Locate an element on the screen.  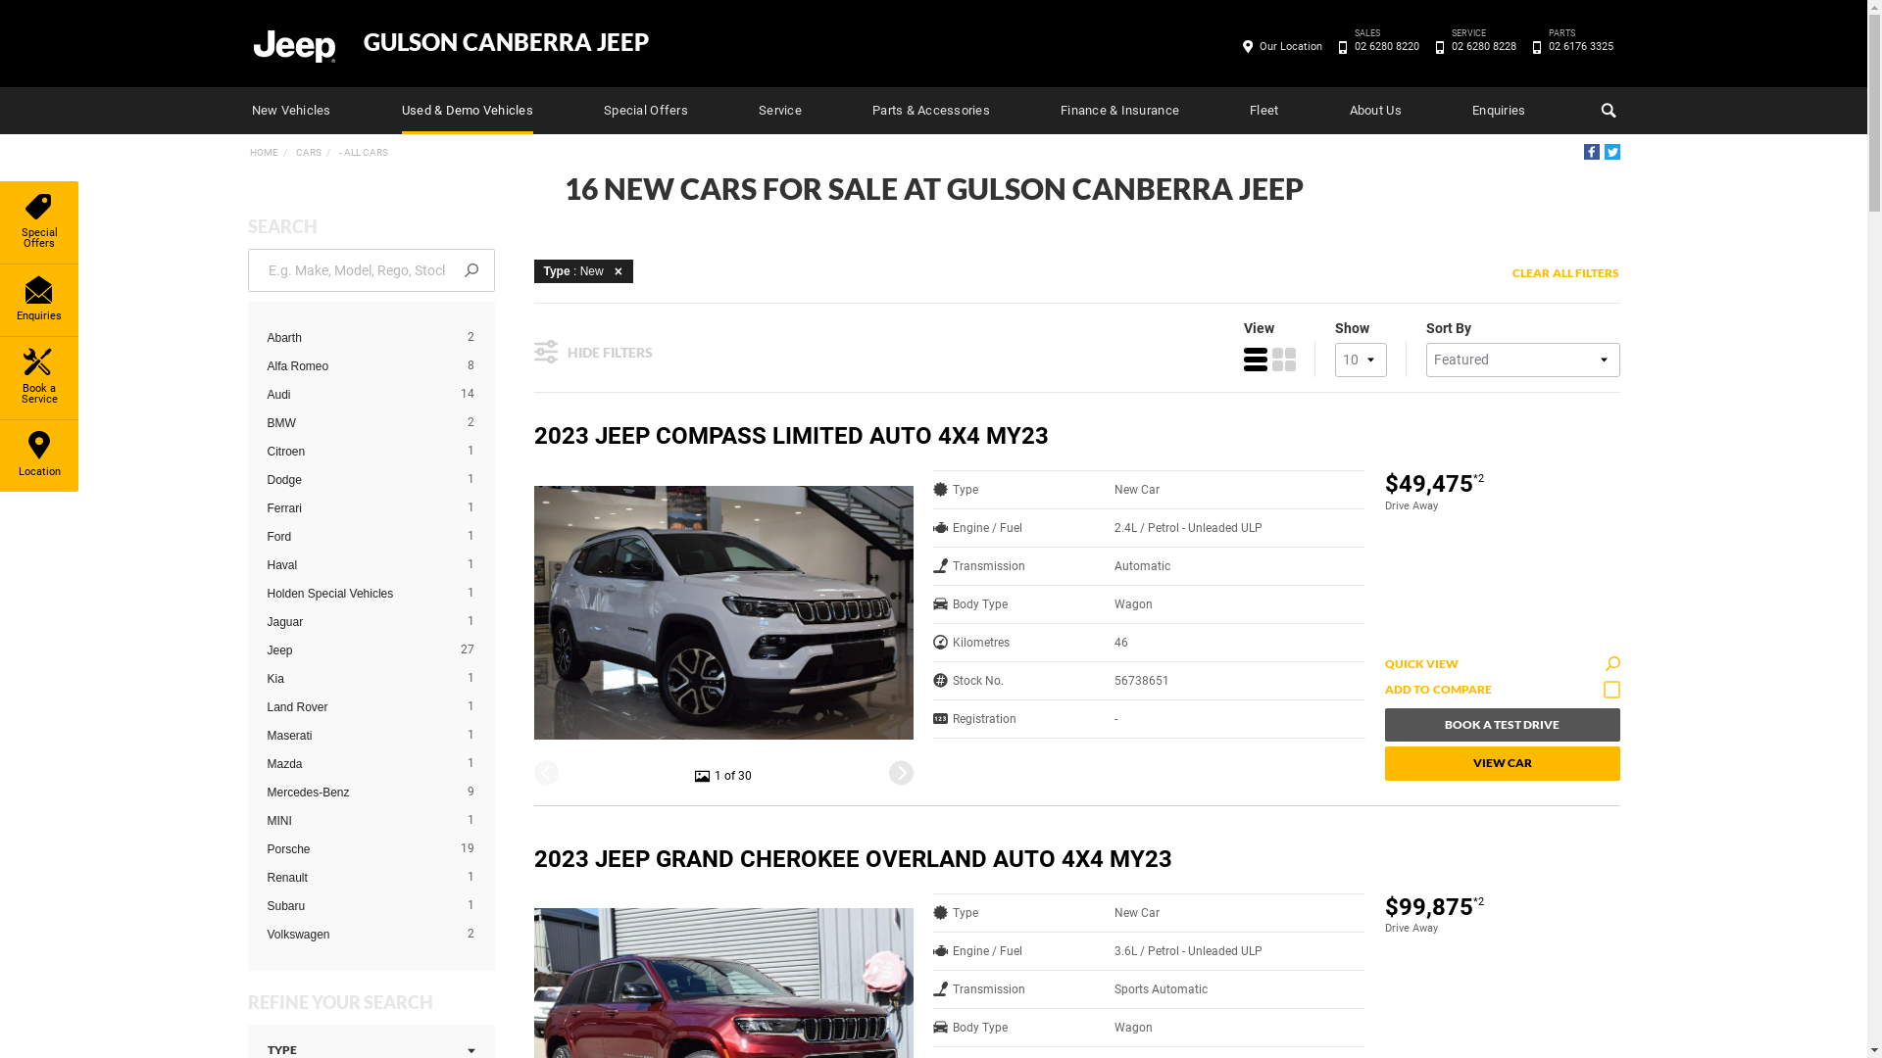
'BOOK A TEST DRIVE' is located at coordinates (1500, 725).